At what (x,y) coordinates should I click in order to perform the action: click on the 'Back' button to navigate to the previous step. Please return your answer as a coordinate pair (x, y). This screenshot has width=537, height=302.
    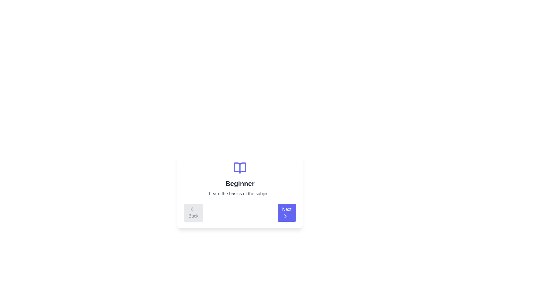
    Looking at the image, I should click on (193, 213).